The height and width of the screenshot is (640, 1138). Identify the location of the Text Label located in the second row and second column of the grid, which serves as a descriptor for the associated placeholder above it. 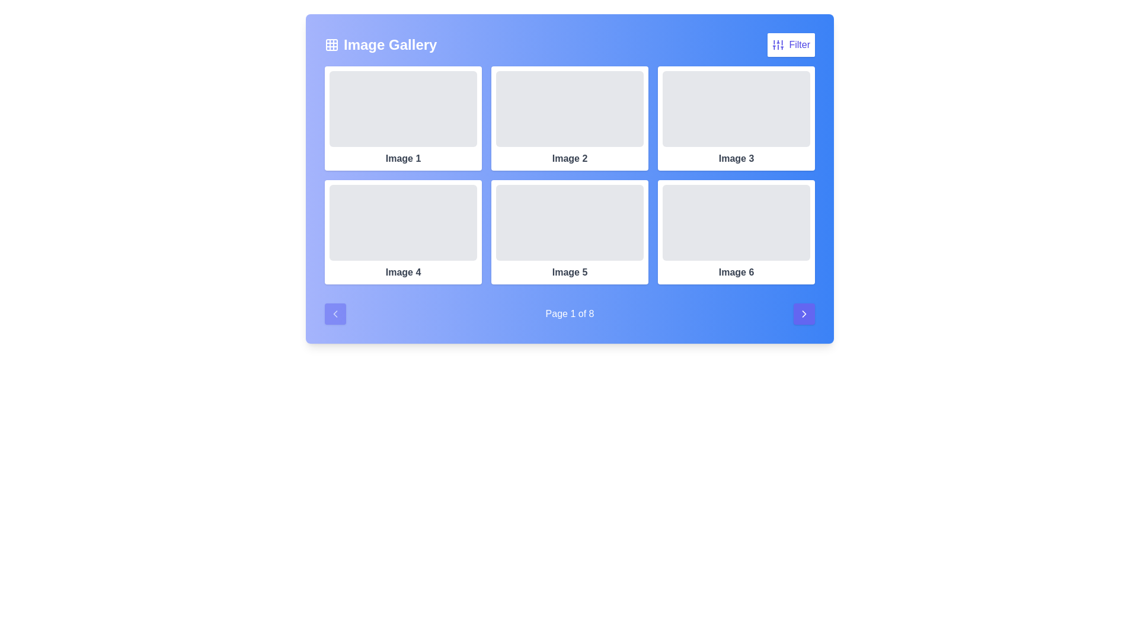
(570, 272).